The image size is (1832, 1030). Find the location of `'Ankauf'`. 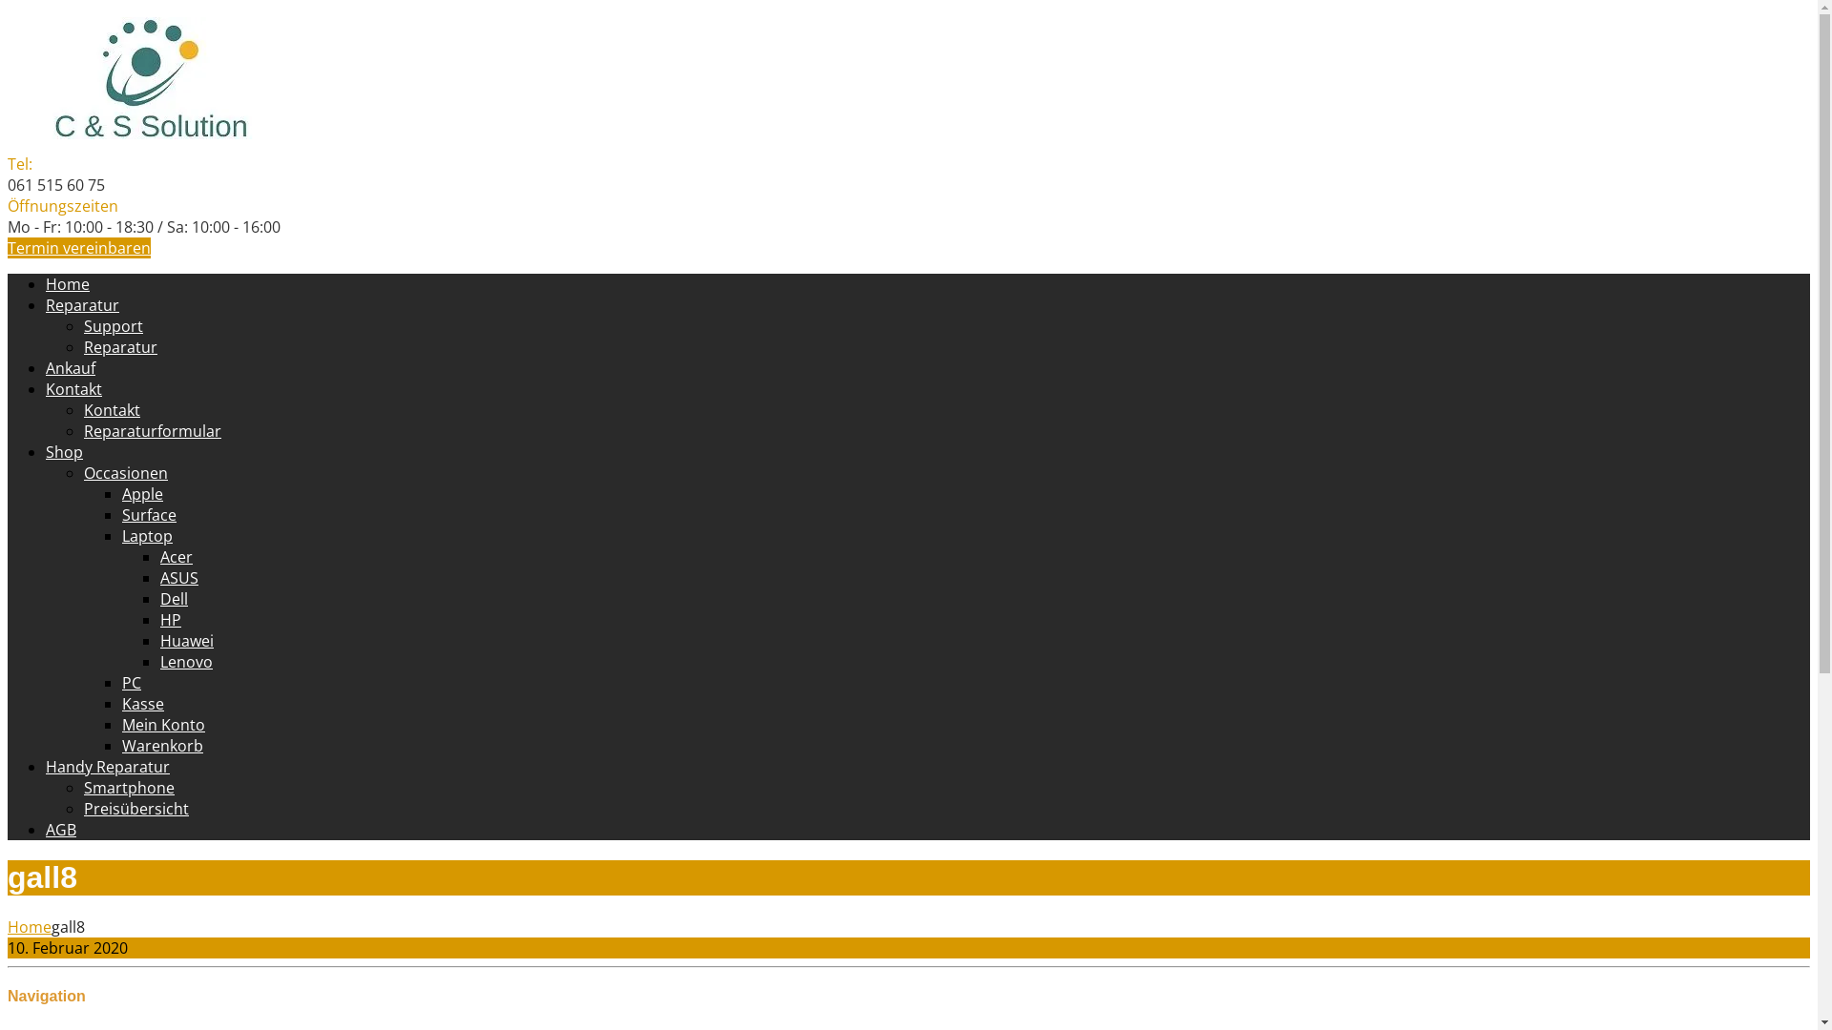

'Ankauf' is located at coordinates (70, 367).